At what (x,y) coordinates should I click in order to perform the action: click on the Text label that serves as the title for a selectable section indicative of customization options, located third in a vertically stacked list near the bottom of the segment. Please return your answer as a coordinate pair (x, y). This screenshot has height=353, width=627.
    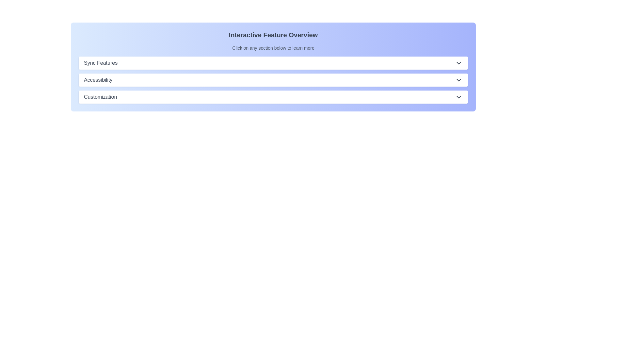
    Looking at the image, I should click on (100, 97).